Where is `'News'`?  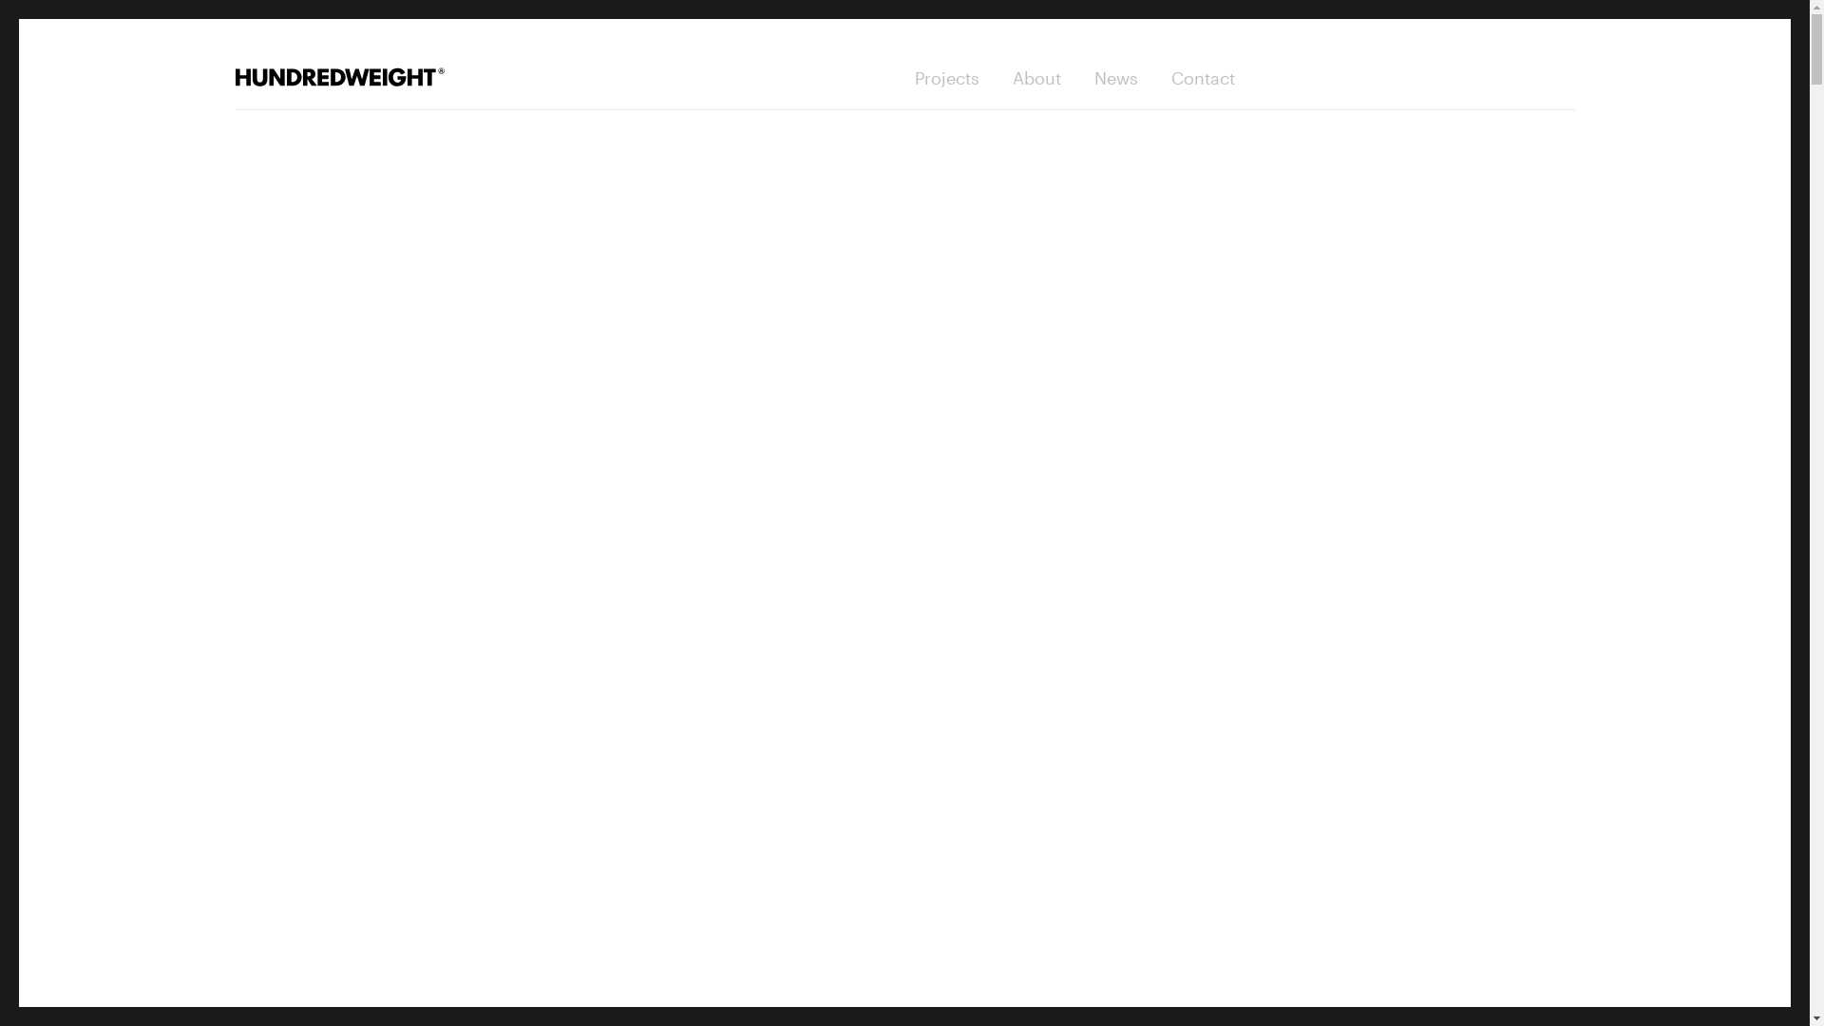 'News' is located at coordinates (1116, 76).